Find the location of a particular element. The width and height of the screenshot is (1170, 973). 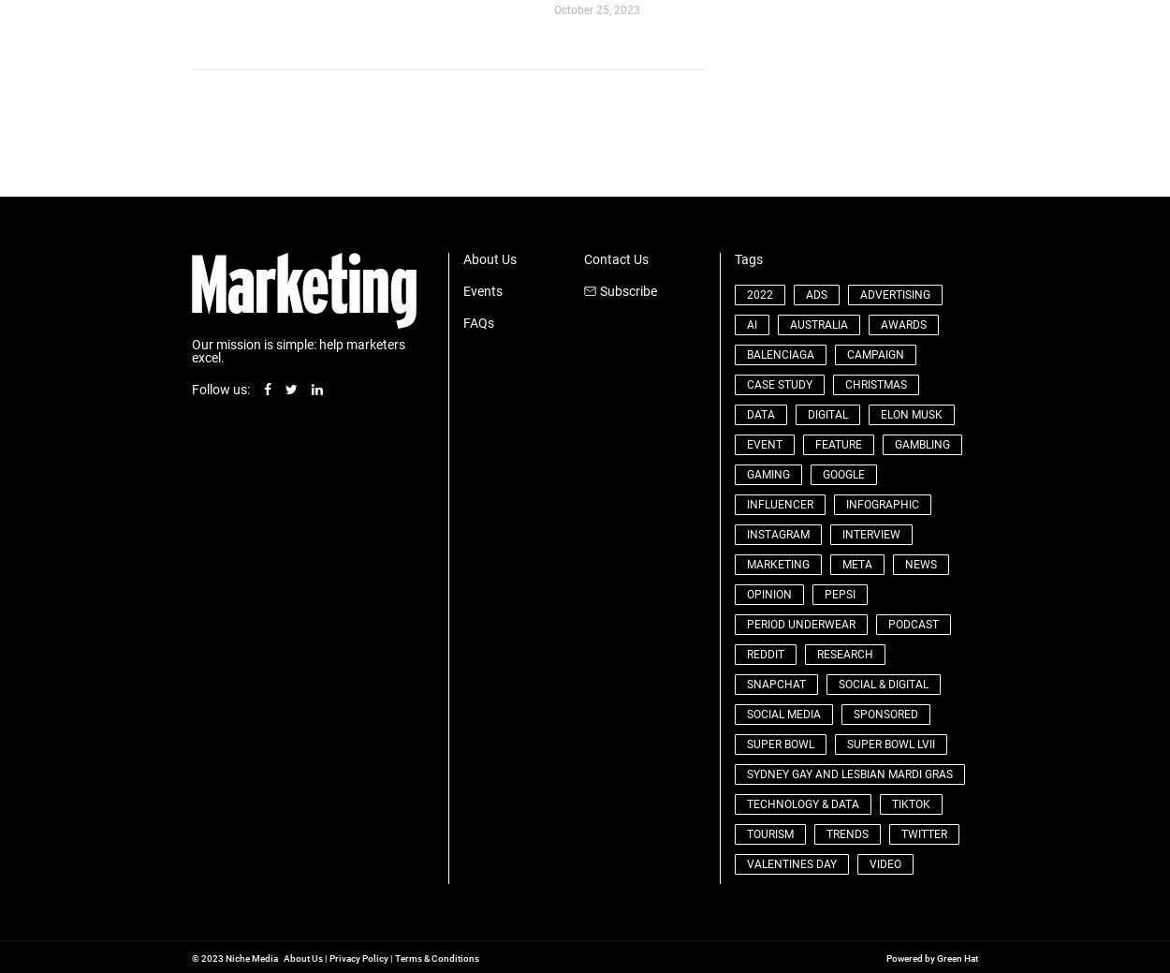

'Infographic' is located at coordinates (881, 503).